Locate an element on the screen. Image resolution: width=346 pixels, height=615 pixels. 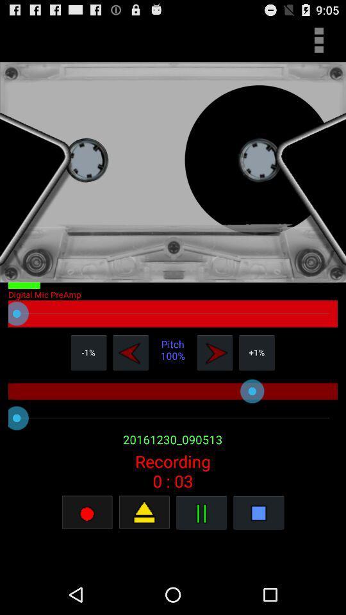
pitch down is located at coordinates (130, 352).